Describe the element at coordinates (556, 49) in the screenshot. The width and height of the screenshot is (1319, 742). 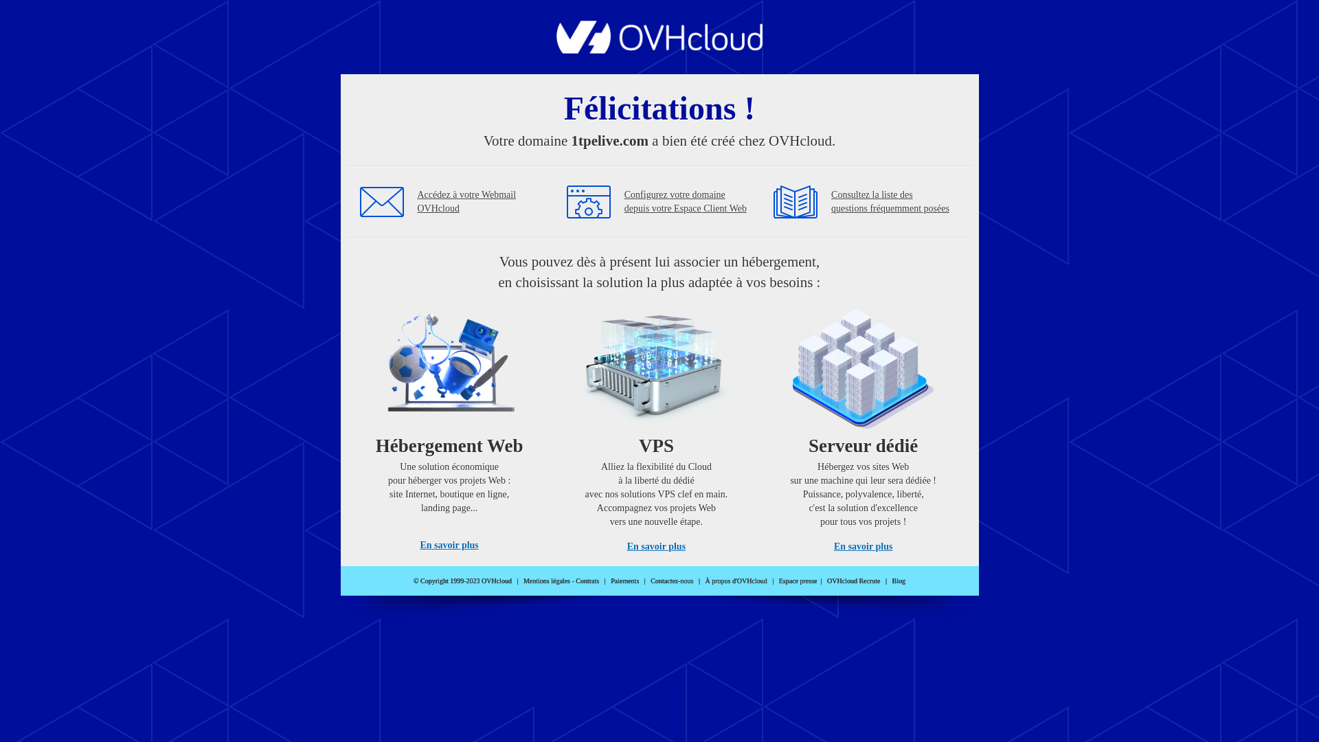
I see `'OVHcloud'` at that location.